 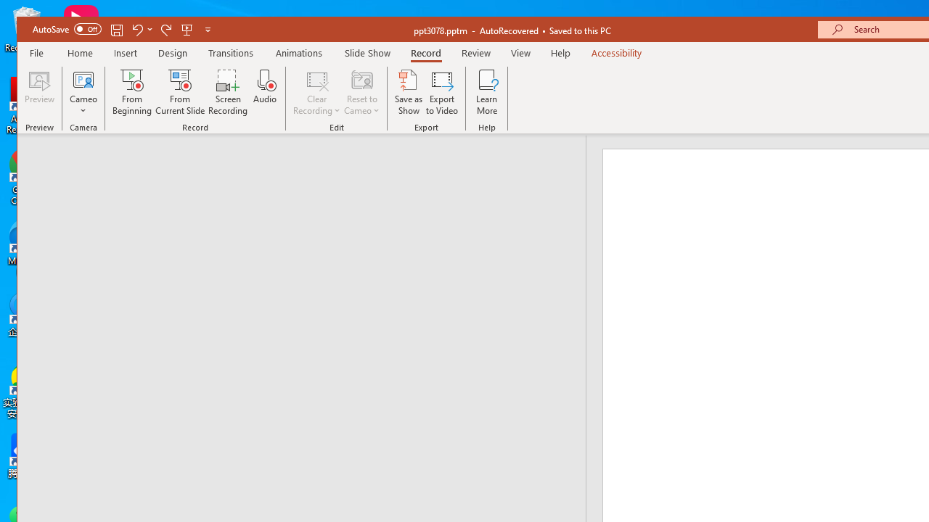 I want to click on 'Clear Recording', so click(x=316, y=92).